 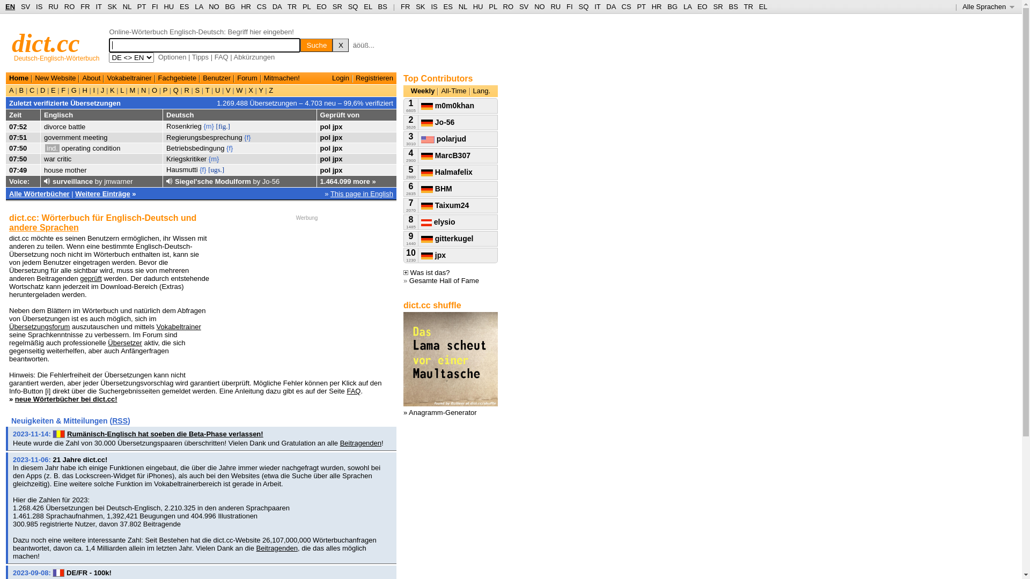 I want to click on 'NL', so click(x=463, y=6).